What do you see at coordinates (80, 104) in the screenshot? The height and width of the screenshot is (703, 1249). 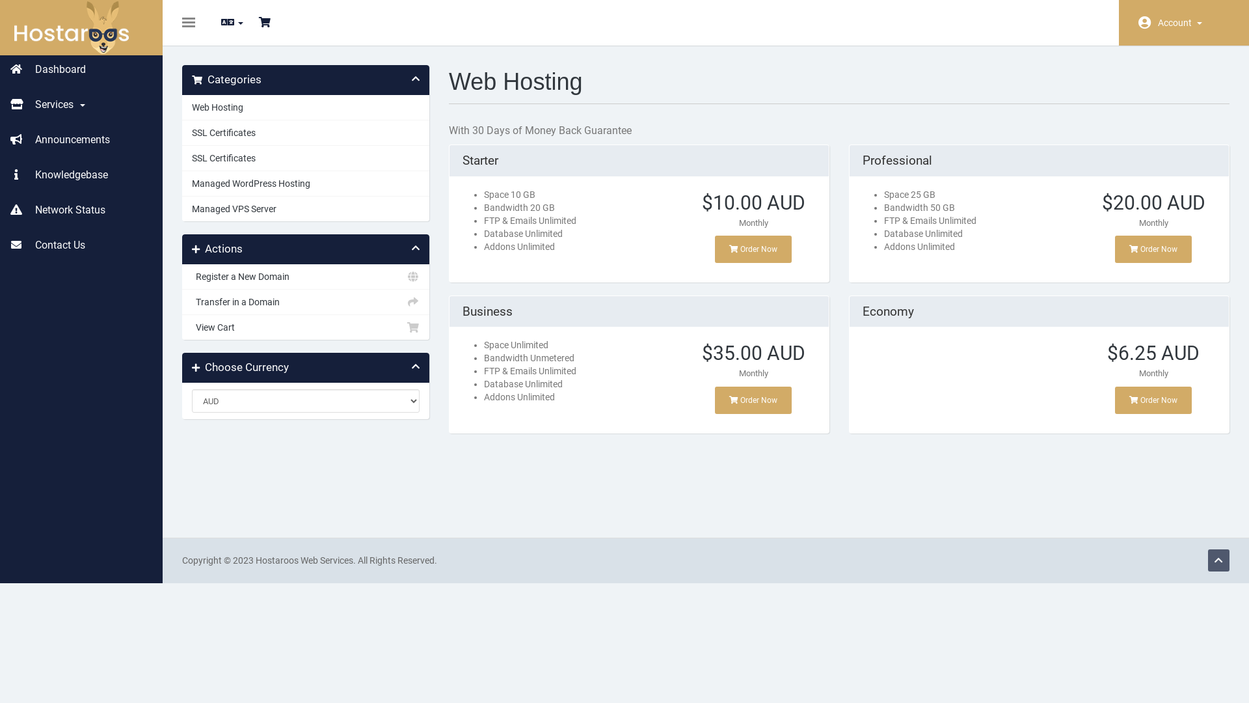 I see `'Services  '` at bounding box center [80, 104].